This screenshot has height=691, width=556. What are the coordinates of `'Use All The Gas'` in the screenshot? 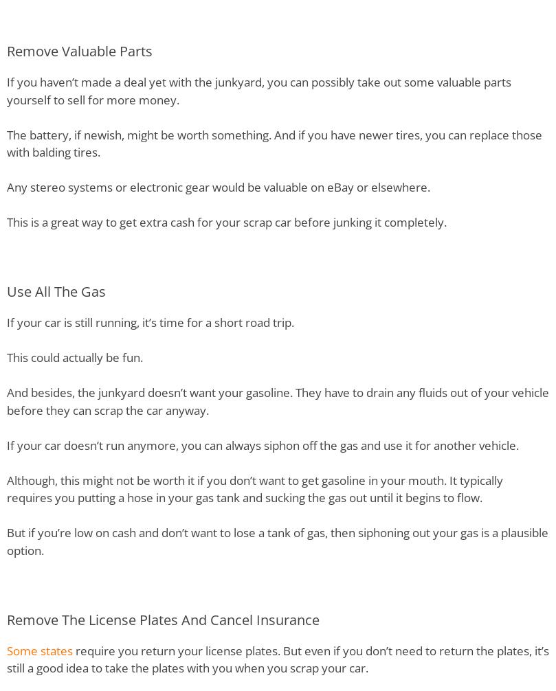 It's located at (56, 291).